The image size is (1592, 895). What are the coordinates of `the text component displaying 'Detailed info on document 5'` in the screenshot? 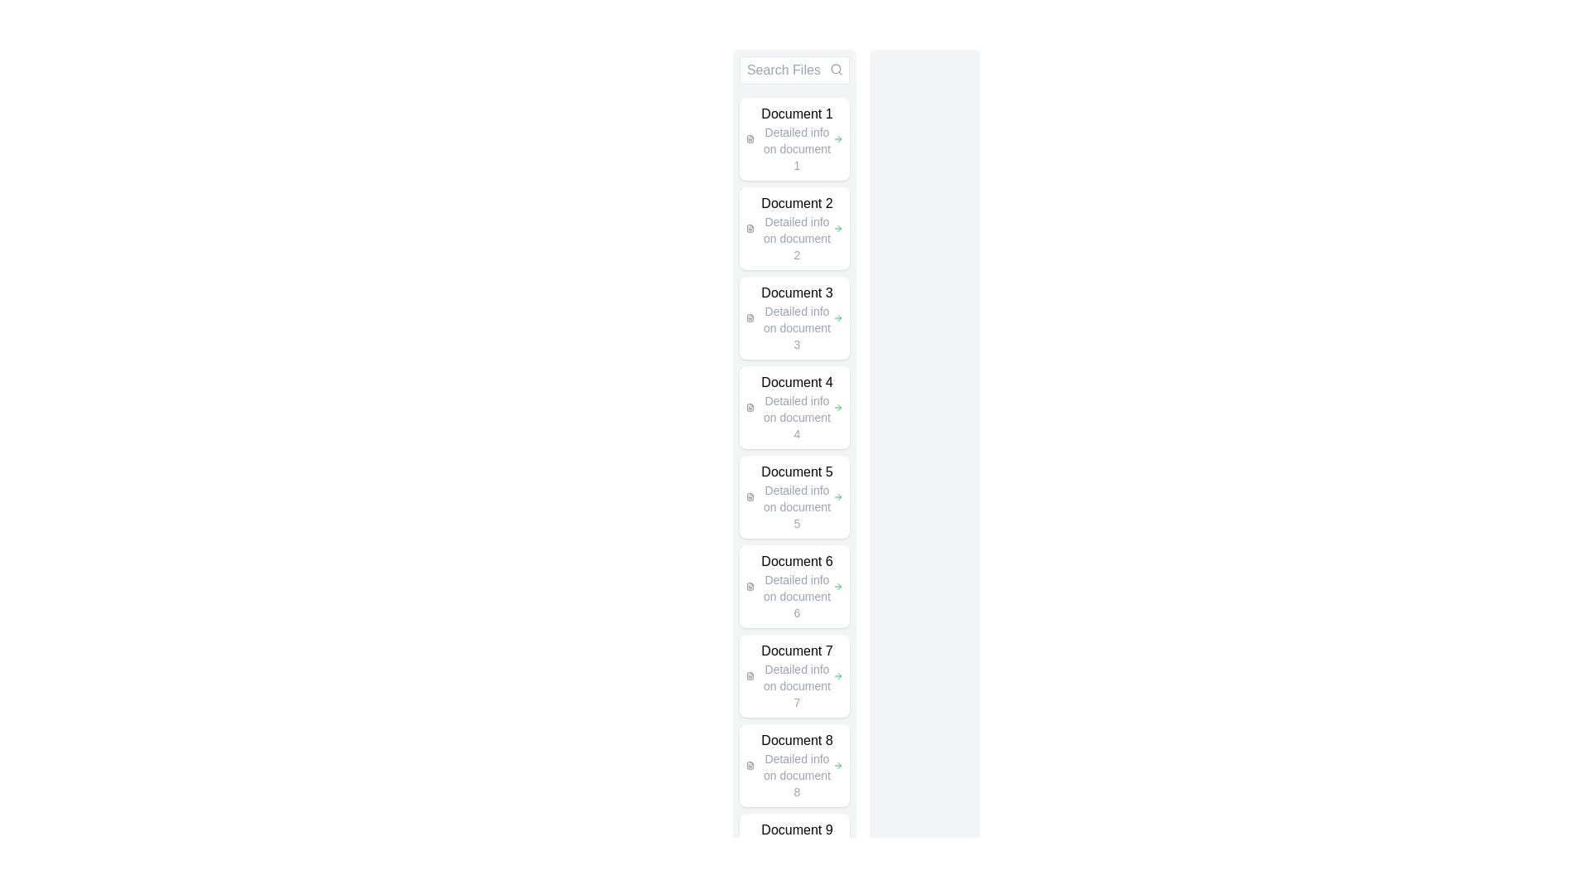 It's located at (797, 506).